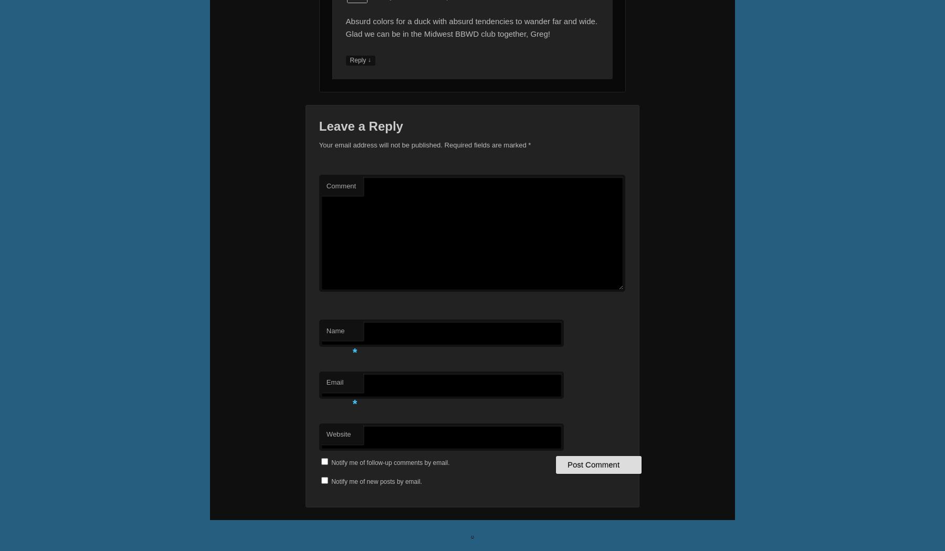 Image resolution: width=945 pixels, height=551 pixels. I want to click on 'Required fields are marked', so click(484, 144).